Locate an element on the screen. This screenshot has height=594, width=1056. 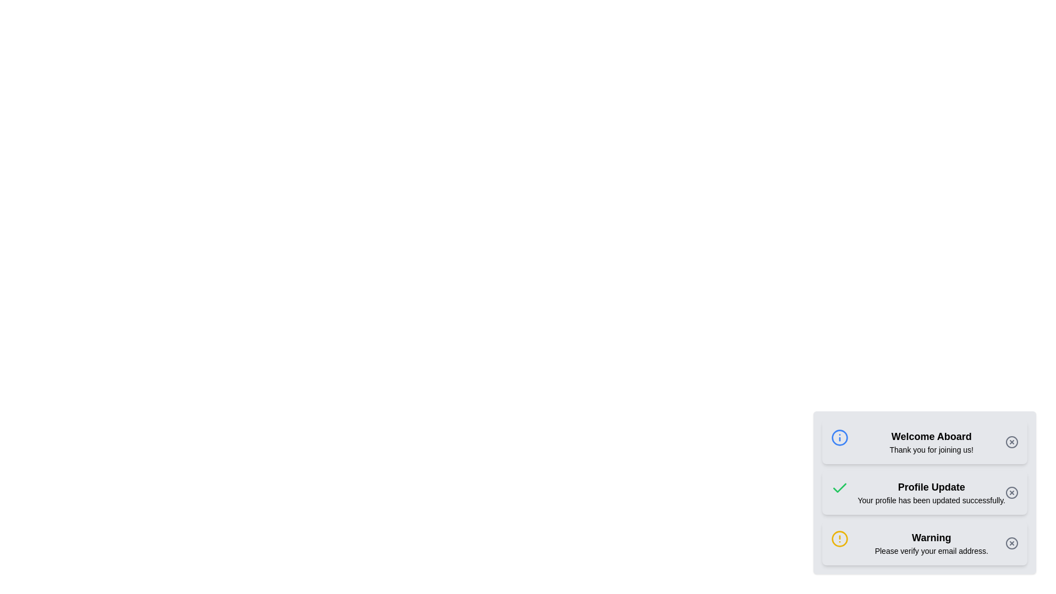
the green check mark icon associated with the 'Profile Update' notification is located at coordinates (839, 487).